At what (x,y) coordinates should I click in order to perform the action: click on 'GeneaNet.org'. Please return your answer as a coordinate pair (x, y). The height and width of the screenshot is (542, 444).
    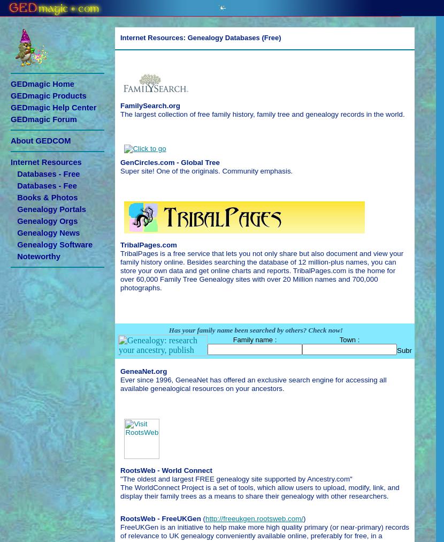
    Looking at the image, I should click on (143, 371).